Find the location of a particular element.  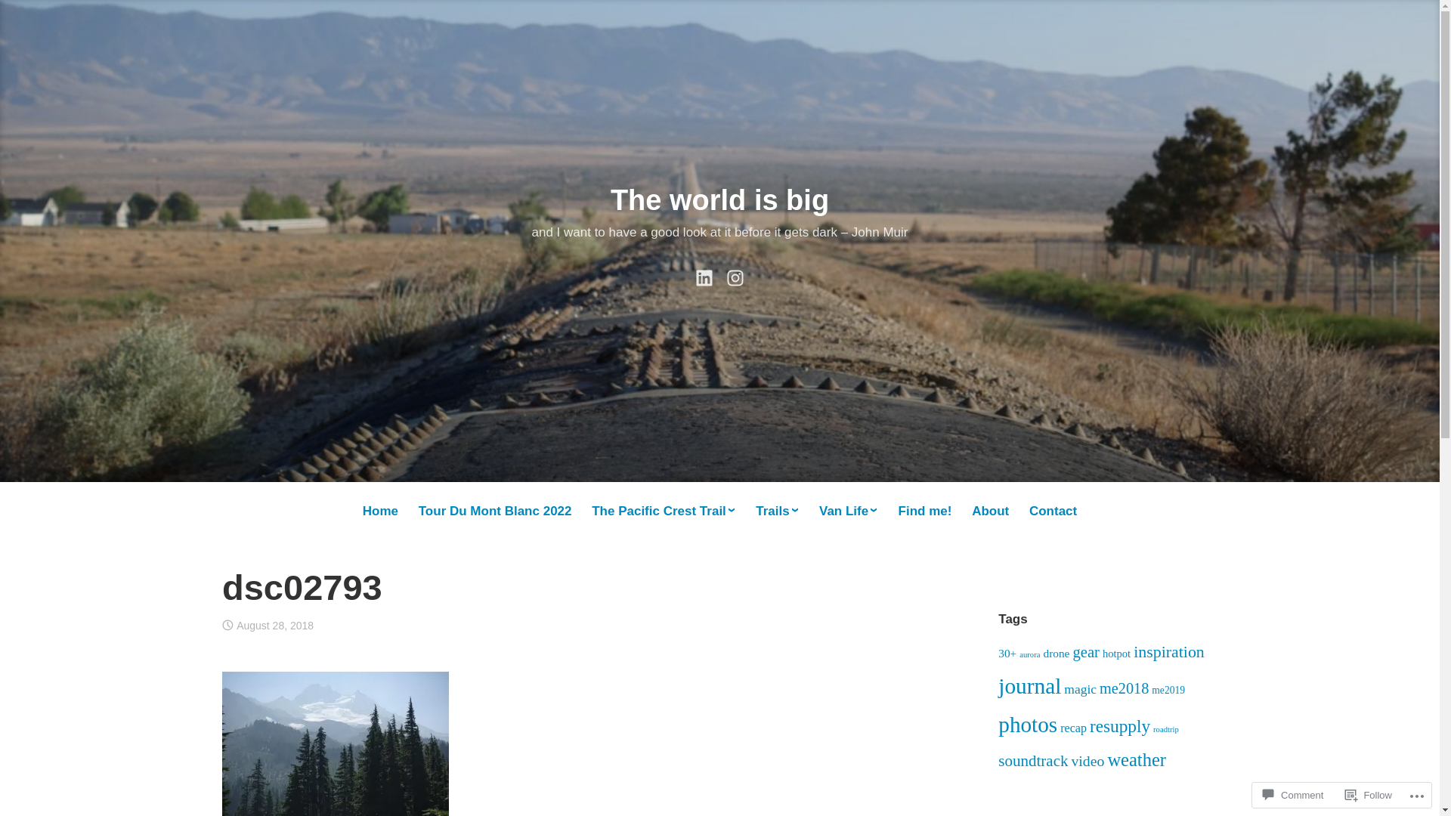

'photos' is located at coordinates (1027, 724).